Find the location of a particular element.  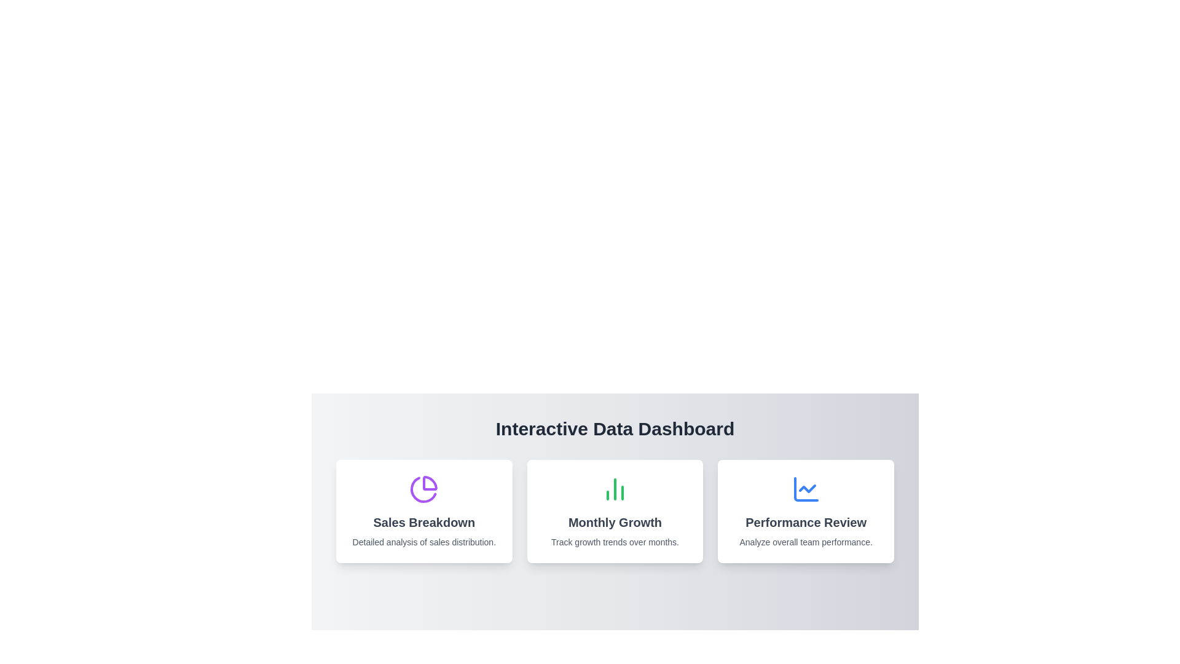

the first Informational card in the grid layout that provides an overview of sales breakdown, located to the left of the 'Monthly Growth' card is located at coordinates (424, 512).